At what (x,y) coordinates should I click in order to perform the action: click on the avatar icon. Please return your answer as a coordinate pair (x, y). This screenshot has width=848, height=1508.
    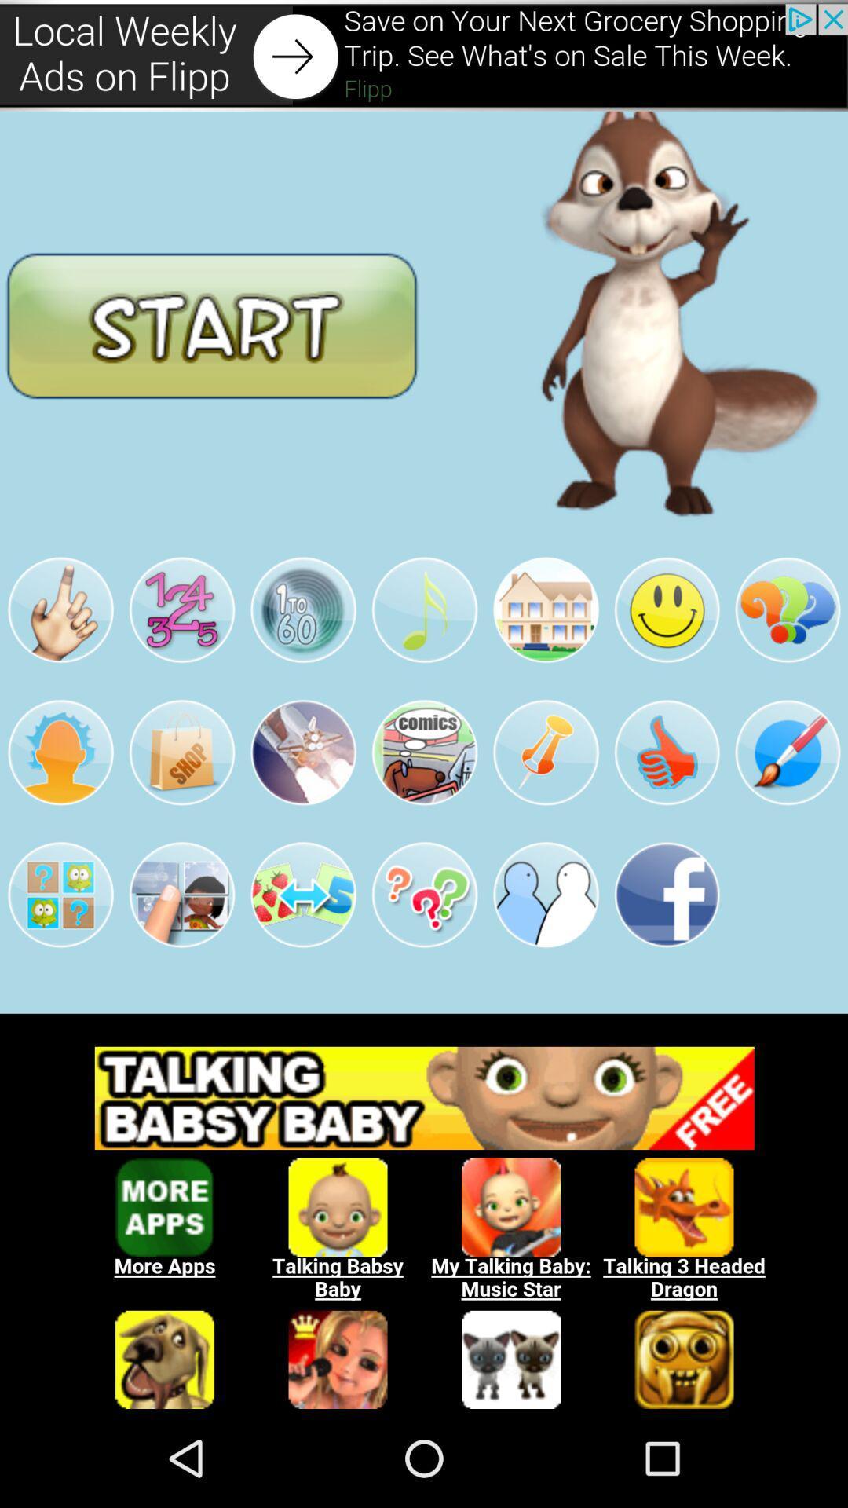
    Looking at the image, I should click on (60, 805).